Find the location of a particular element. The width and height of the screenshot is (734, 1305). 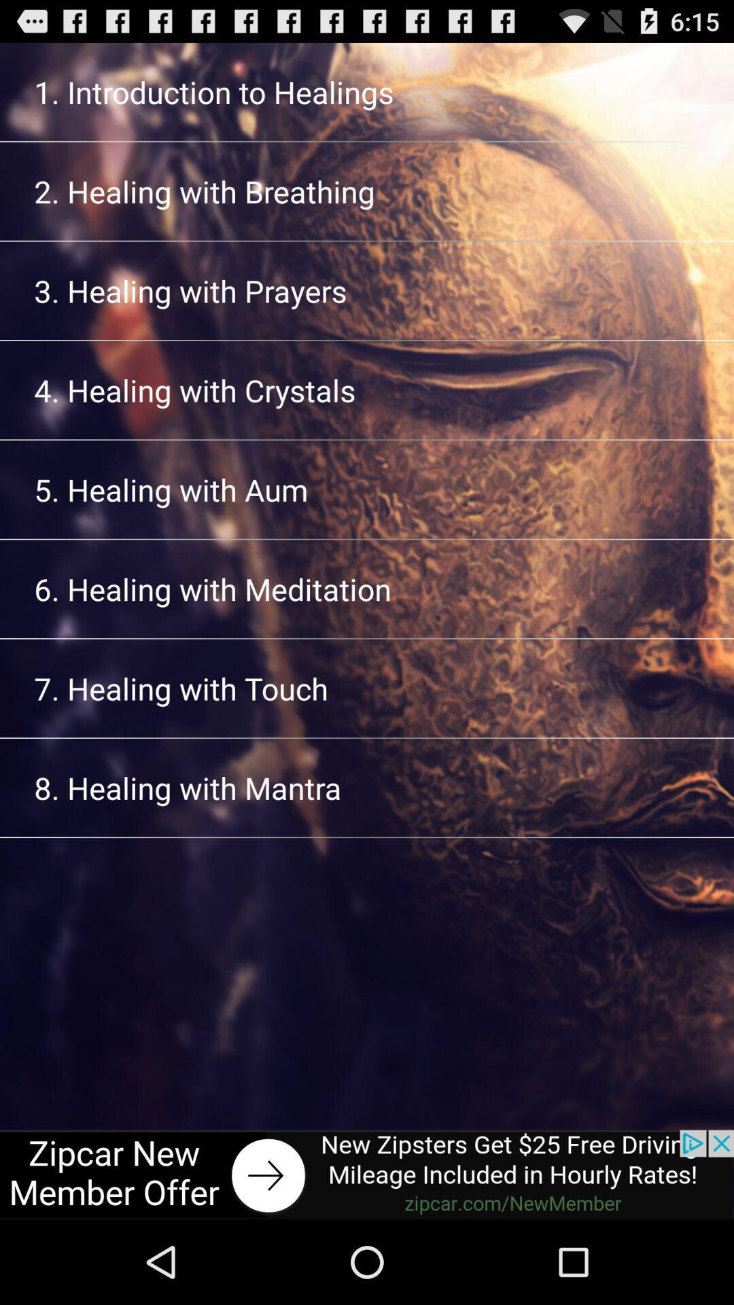

view advertisements options is located at coordinates (367, 1174).